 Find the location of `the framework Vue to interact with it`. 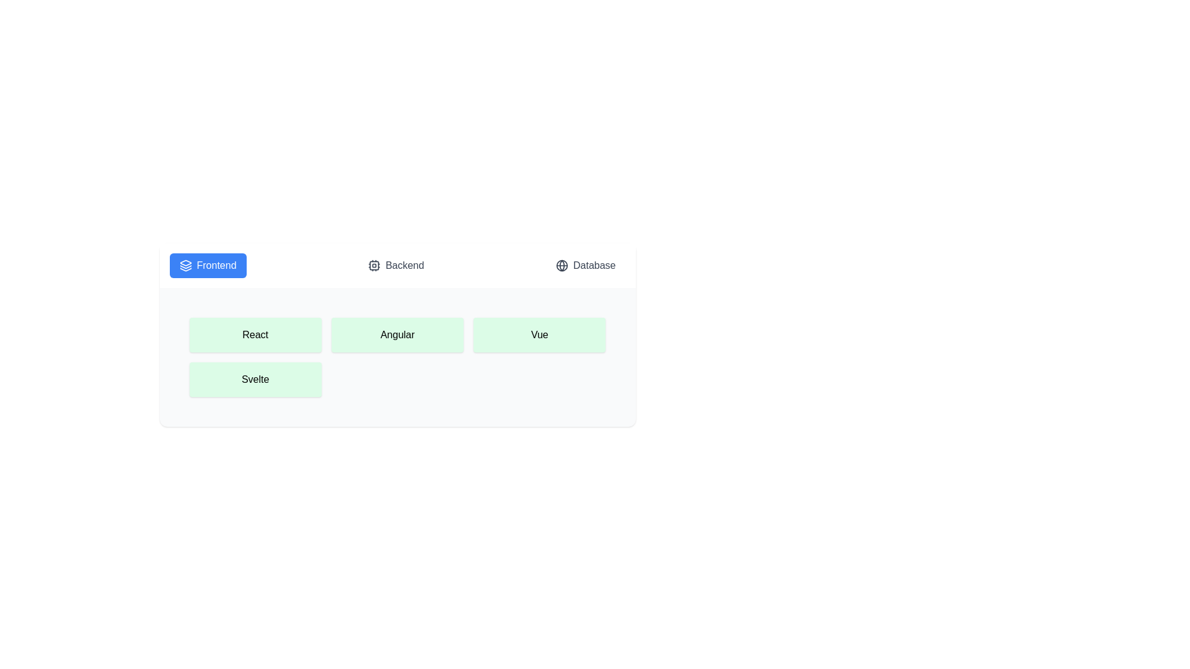

the framework Vue to interact with it is located at coordinates (539, 334).